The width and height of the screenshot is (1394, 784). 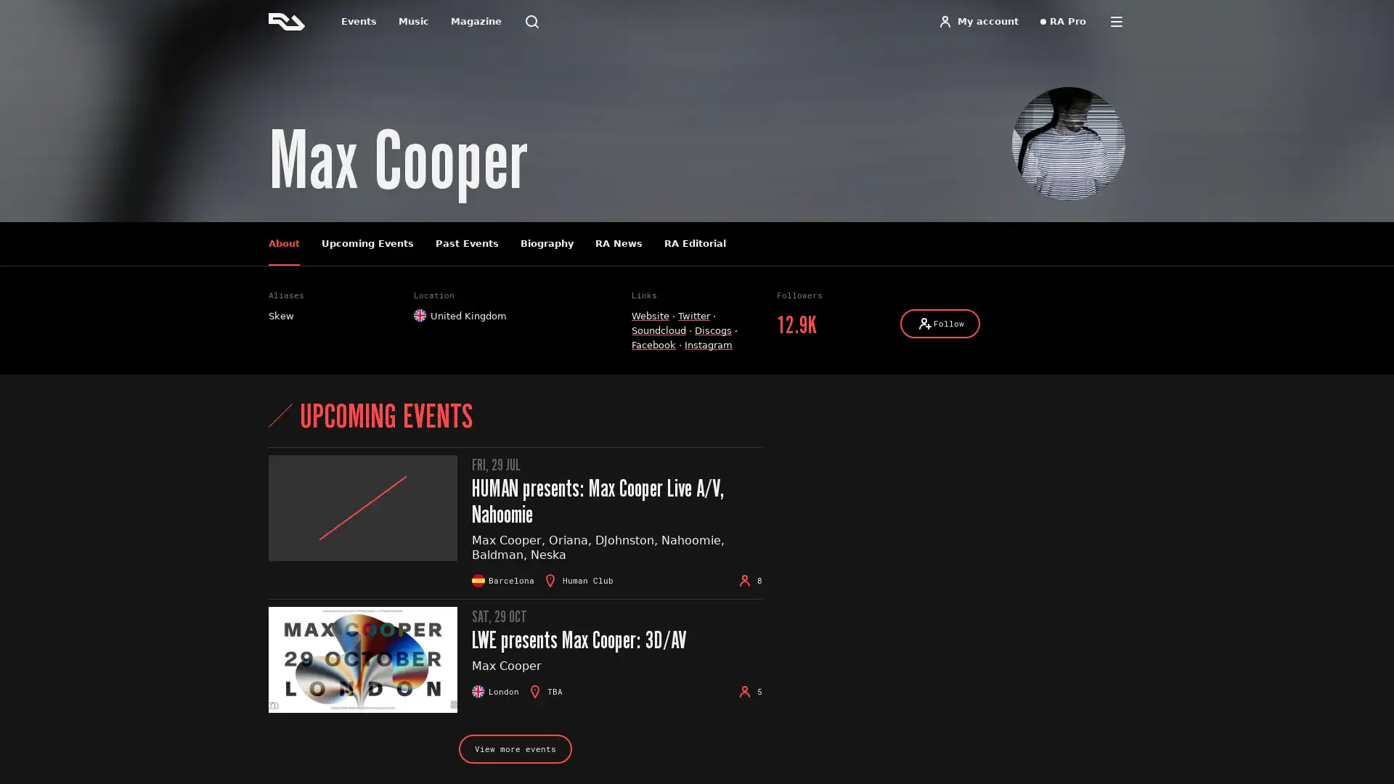 I want to click on Follow Follow, so click(x=940, y=322).